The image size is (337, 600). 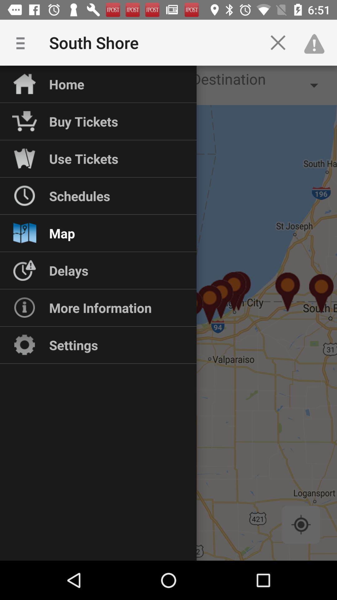 I want to click on the location_crosshair icon, so click(x=300, y=524).